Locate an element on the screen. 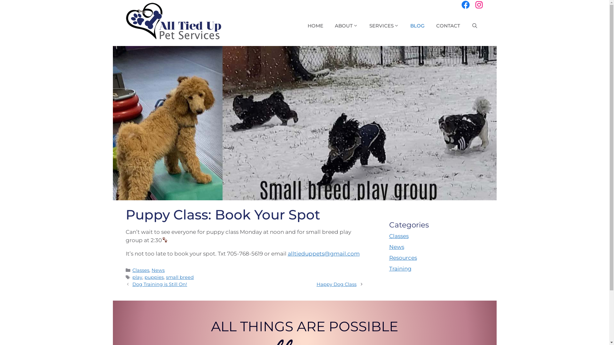 The image size is (614, 345). 'puppies' is located at coordinates (154, 277).